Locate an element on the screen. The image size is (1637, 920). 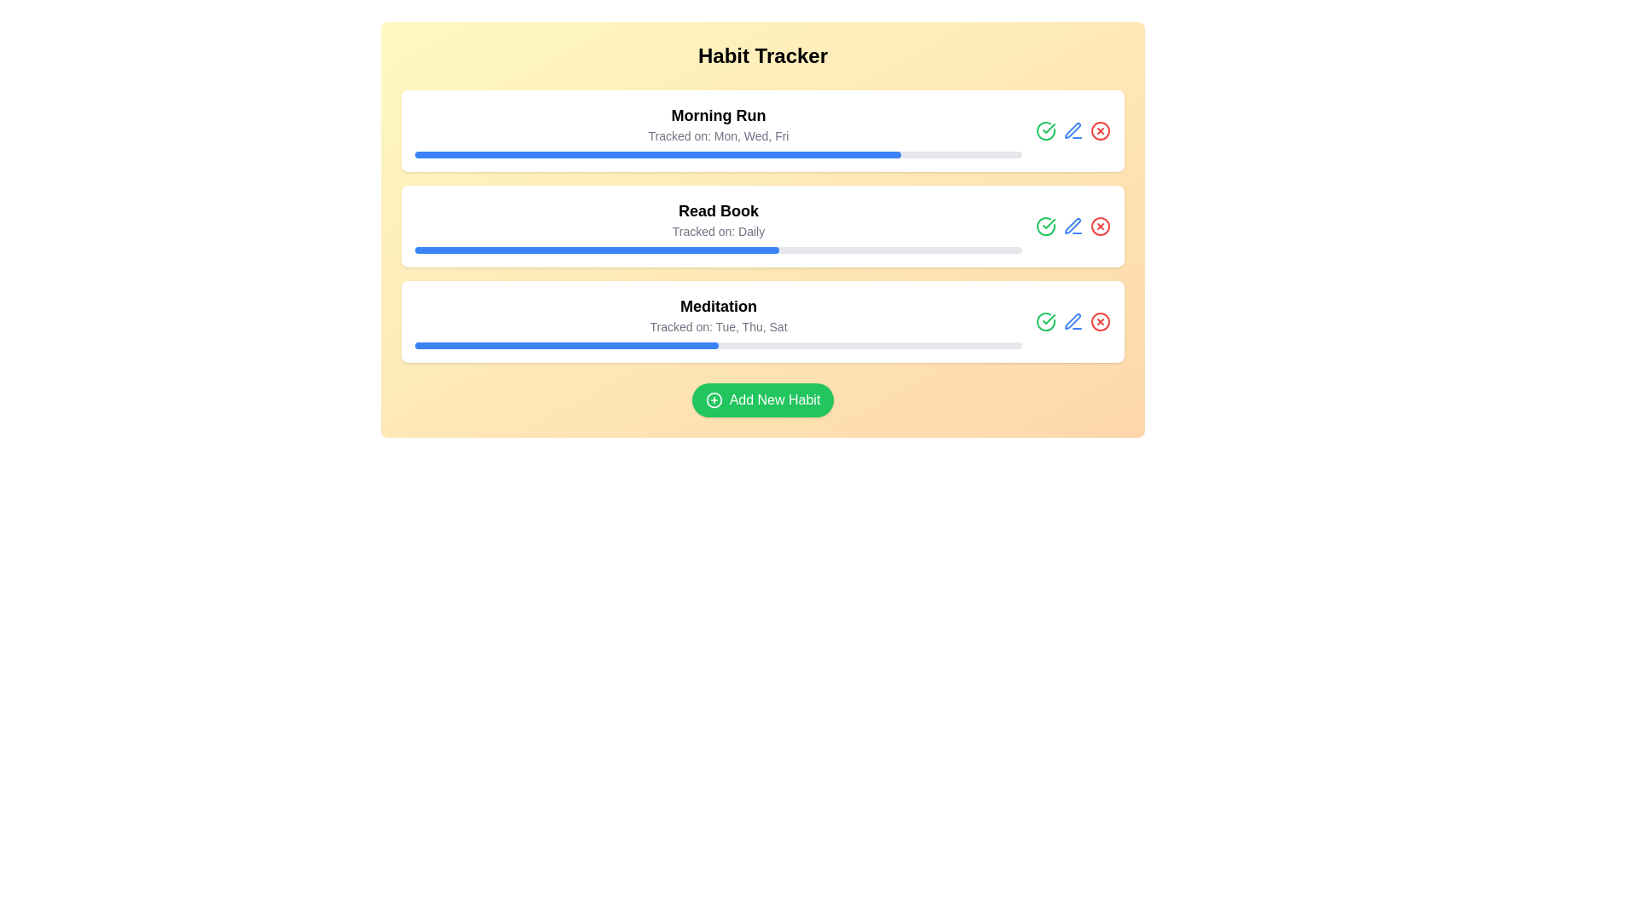
the edit button is located at coordinates (1071, 321).